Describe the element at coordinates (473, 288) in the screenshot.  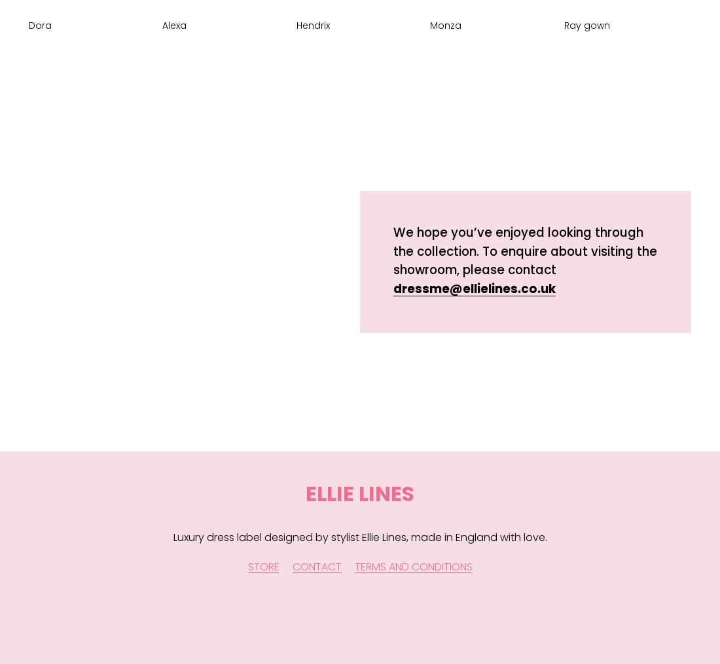
I see `'dressme@ellielines.co.uk'` at that location.